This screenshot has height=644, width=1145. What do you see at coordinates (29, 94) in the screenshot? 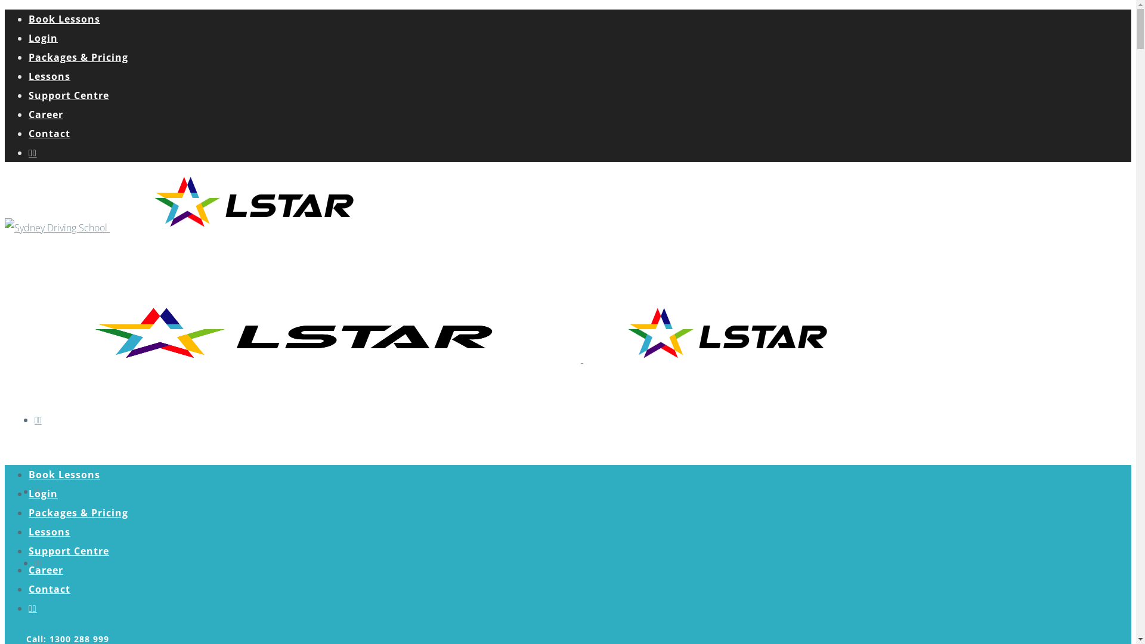
I see `'Support Centre'` at bounding box center [29, 94].